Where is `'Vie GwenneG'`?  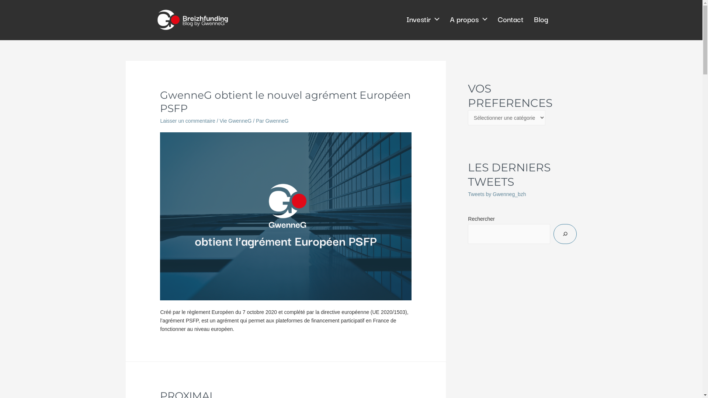 'Vie GwenneG' is located at coordinates (235, 120).